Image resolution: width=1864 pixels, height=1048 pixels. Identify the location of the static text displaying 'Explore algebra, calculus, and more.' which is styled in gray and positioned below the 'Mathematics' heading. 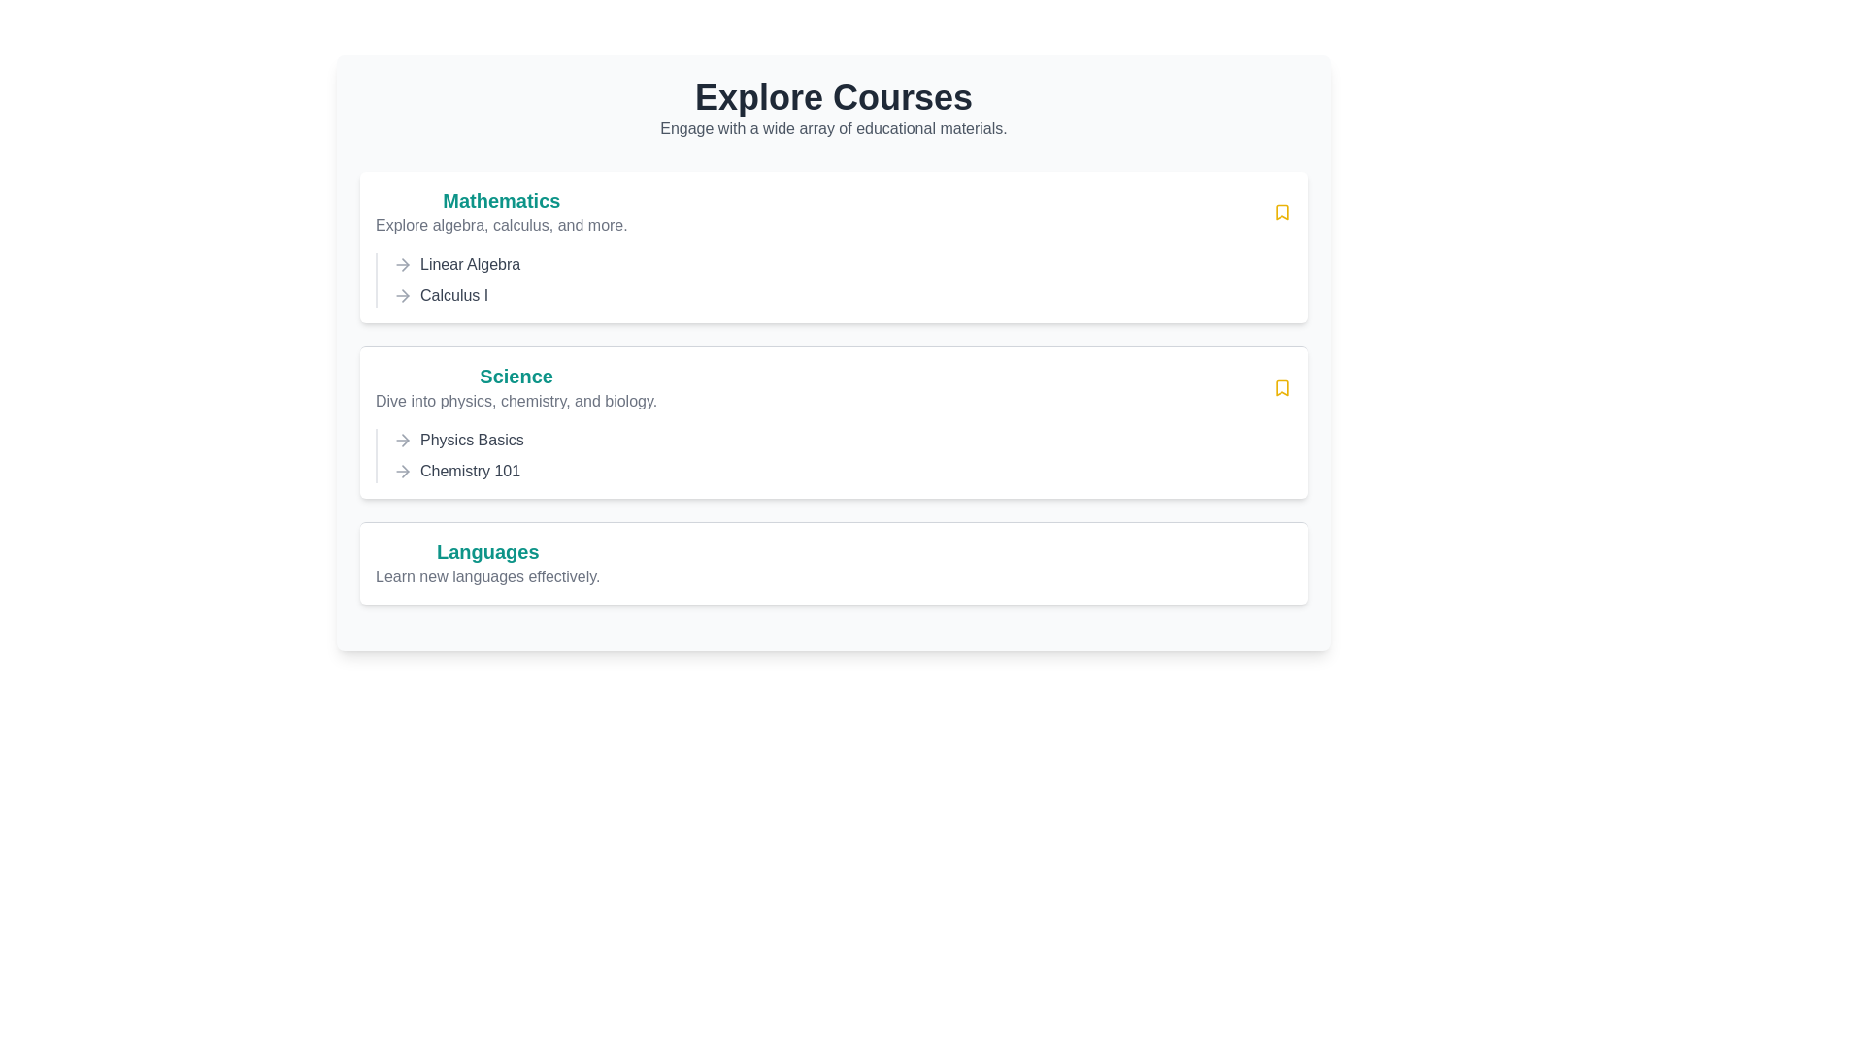
(501, 224).